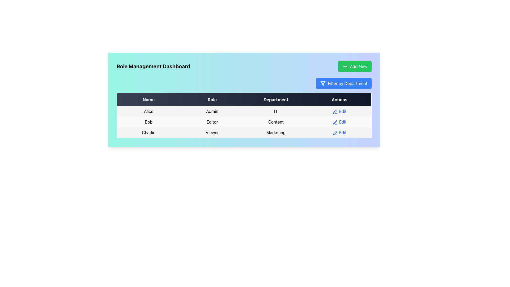  What do you see at coordinates (339, 122) in the screenshot?
I see `the 'Edit' button-like link with a pen icon in the second row of the table under the 'Actions' column on the role management dashboard` at bounding box center [339, 122].